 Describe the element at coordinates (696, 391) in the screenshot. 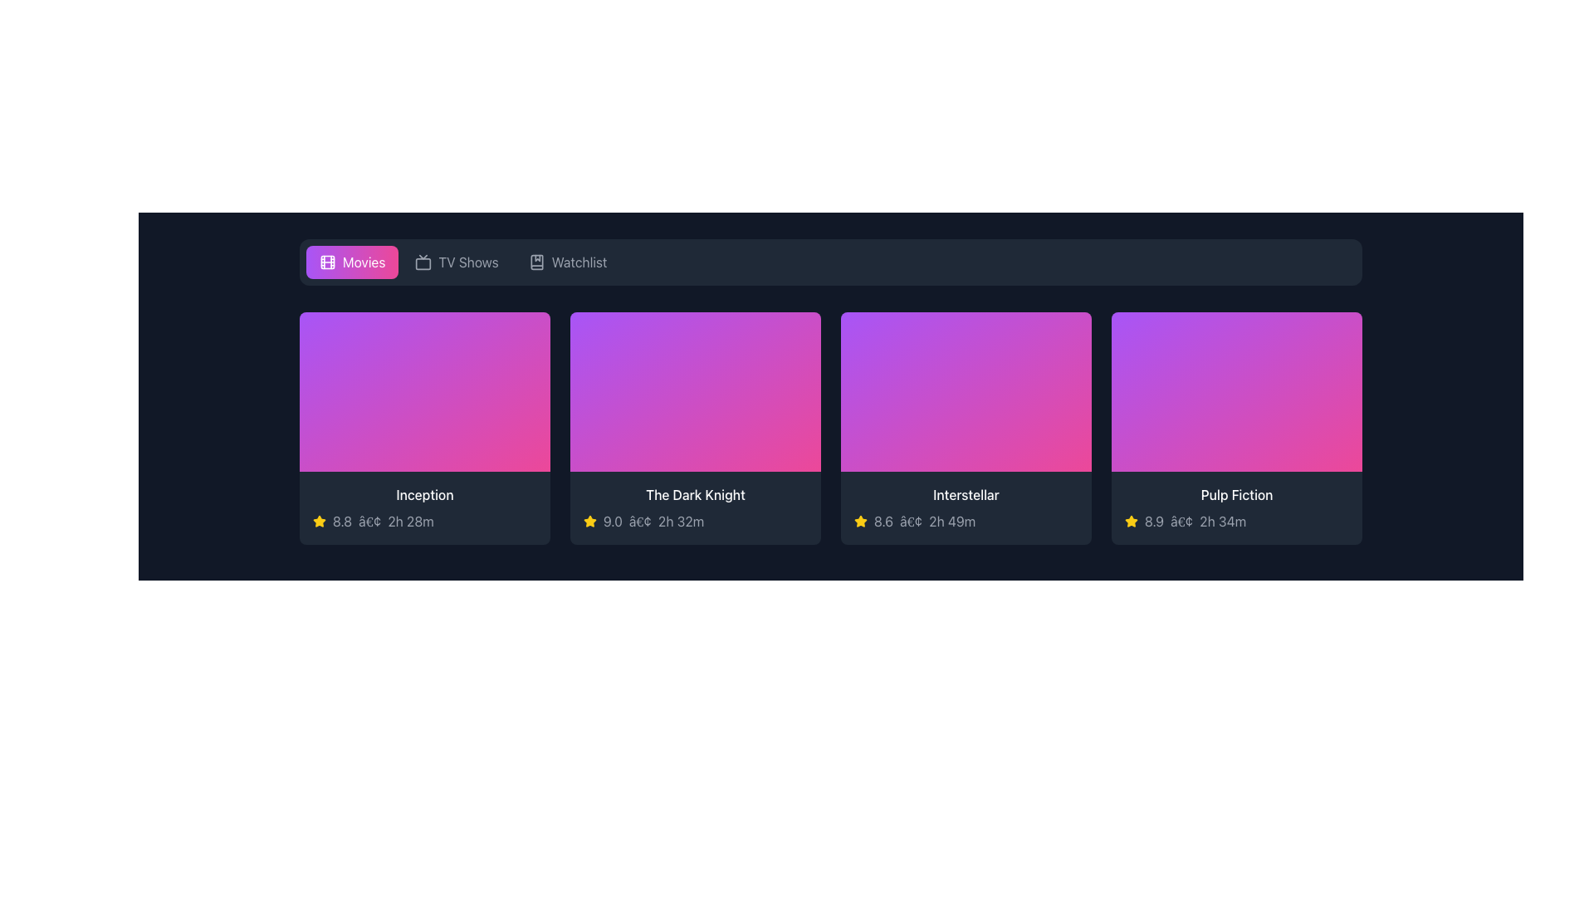

I see `the decorative background element of the card titled 'The Dark Knight', which is positioned second in the horizontal layout of cards` at that location.